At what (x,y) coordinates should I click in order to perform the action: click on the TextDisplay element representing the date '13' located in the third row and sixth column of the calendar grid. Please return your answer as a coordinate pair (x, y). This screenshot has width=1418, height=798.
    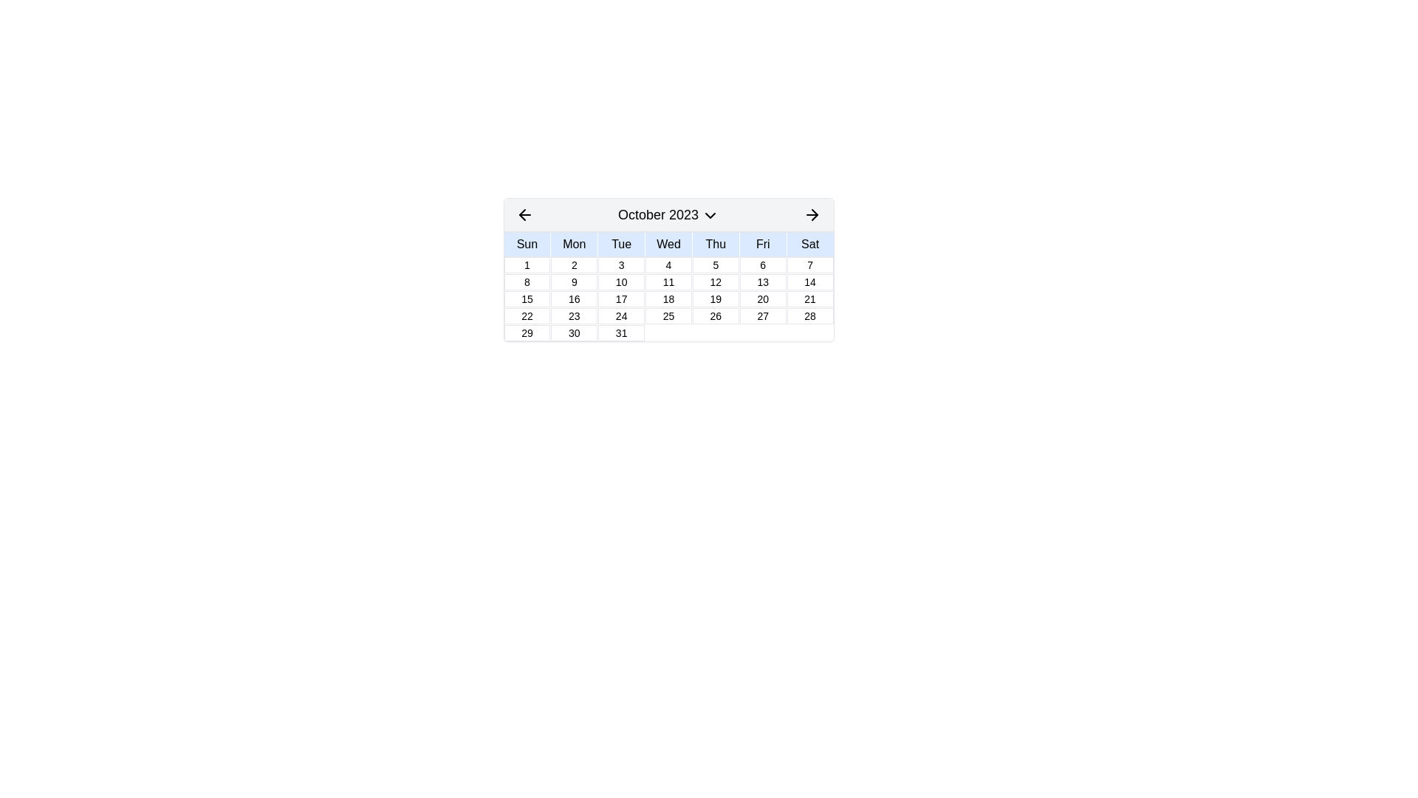
    Looking at the image, I should click on (763, 282).